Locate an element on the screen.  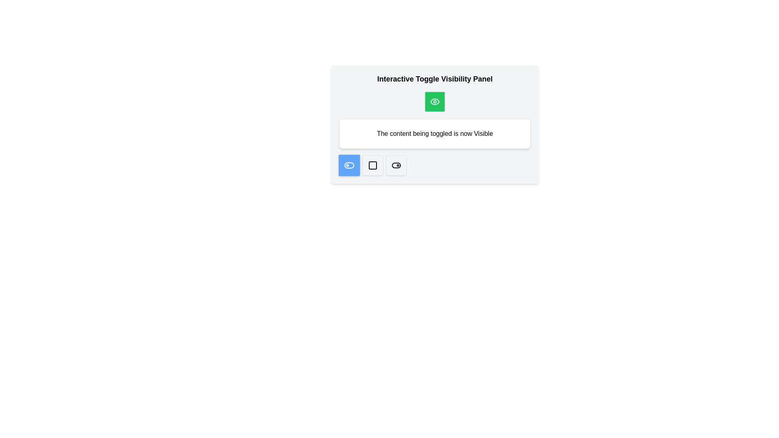
the central button in the control panel to interact with it and modify visibility or toggle content display states is located at coordinates (372, 165).